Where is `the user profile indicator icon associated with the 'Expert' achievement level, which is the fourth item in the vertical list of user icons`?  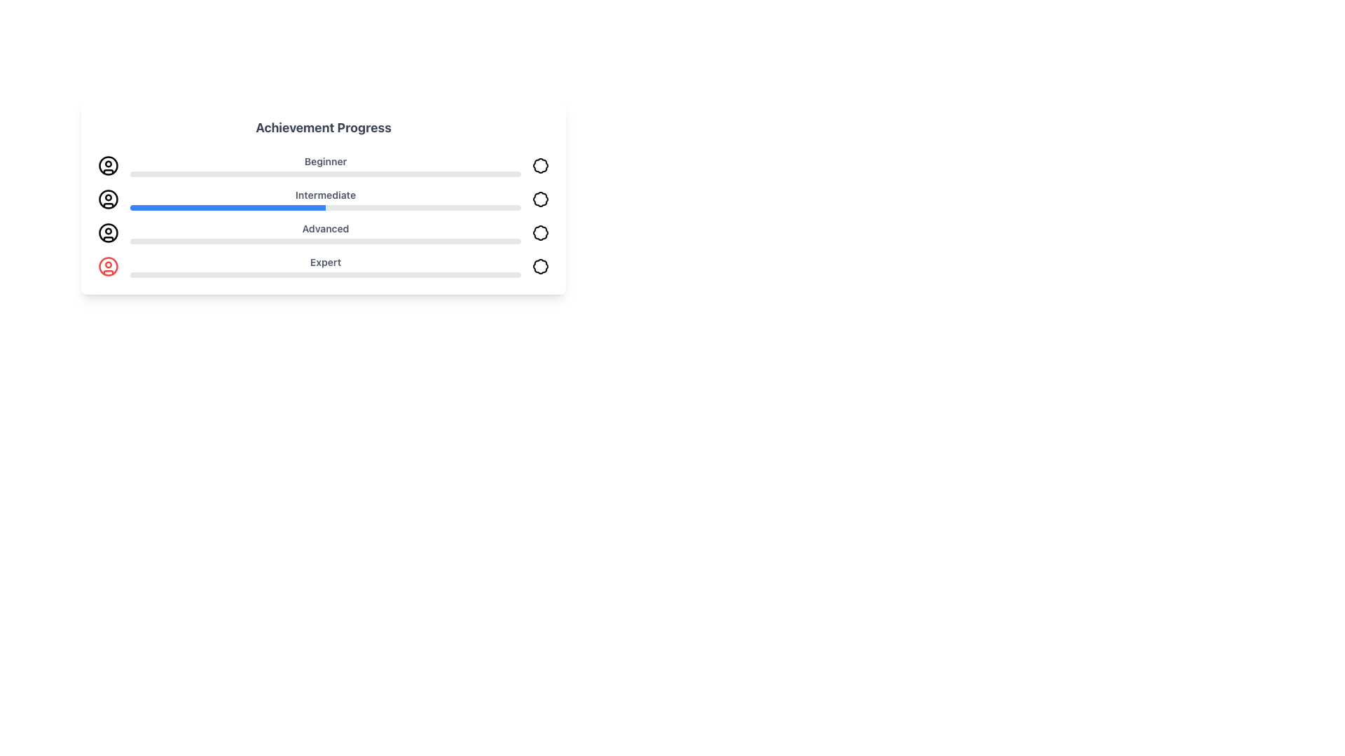
the user profile indicator icon associated with the 'Expert' achievement level, which is the fourth item in the vertical list of user icons is located at coordinates (107, 267).